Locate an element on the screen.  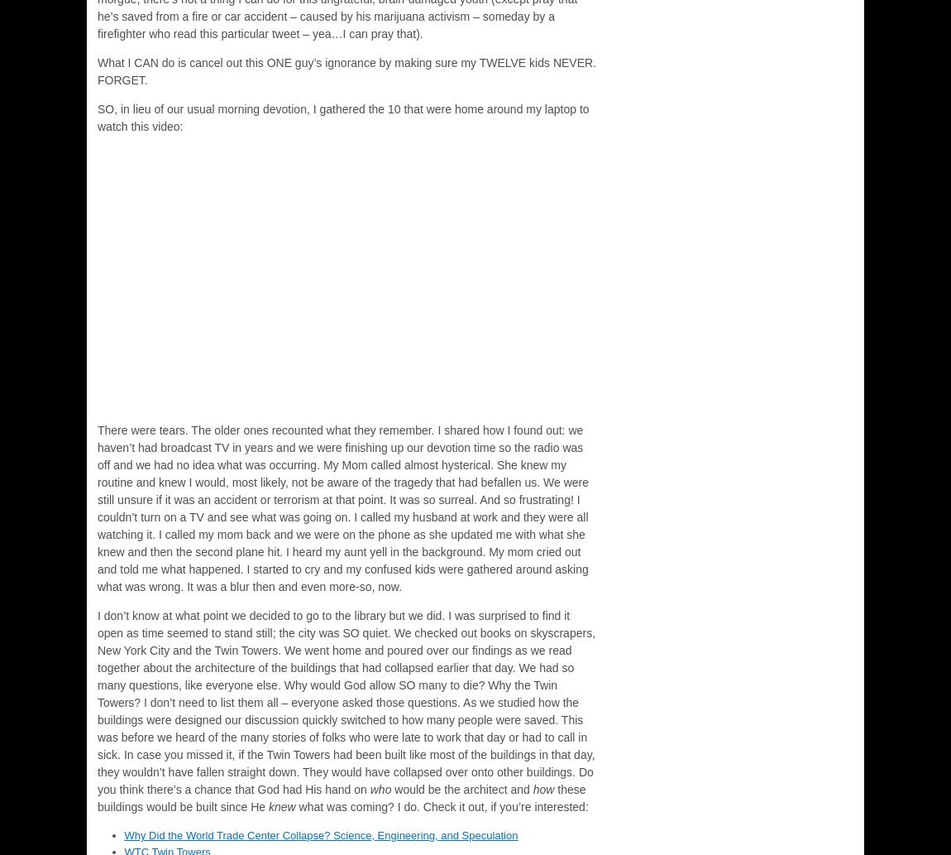
'What I CAN do is cancel out this ONE guy’s ignorance by making sure my TWELVE kids NEVER. FORGET.' is located at coordinates (96, 71).